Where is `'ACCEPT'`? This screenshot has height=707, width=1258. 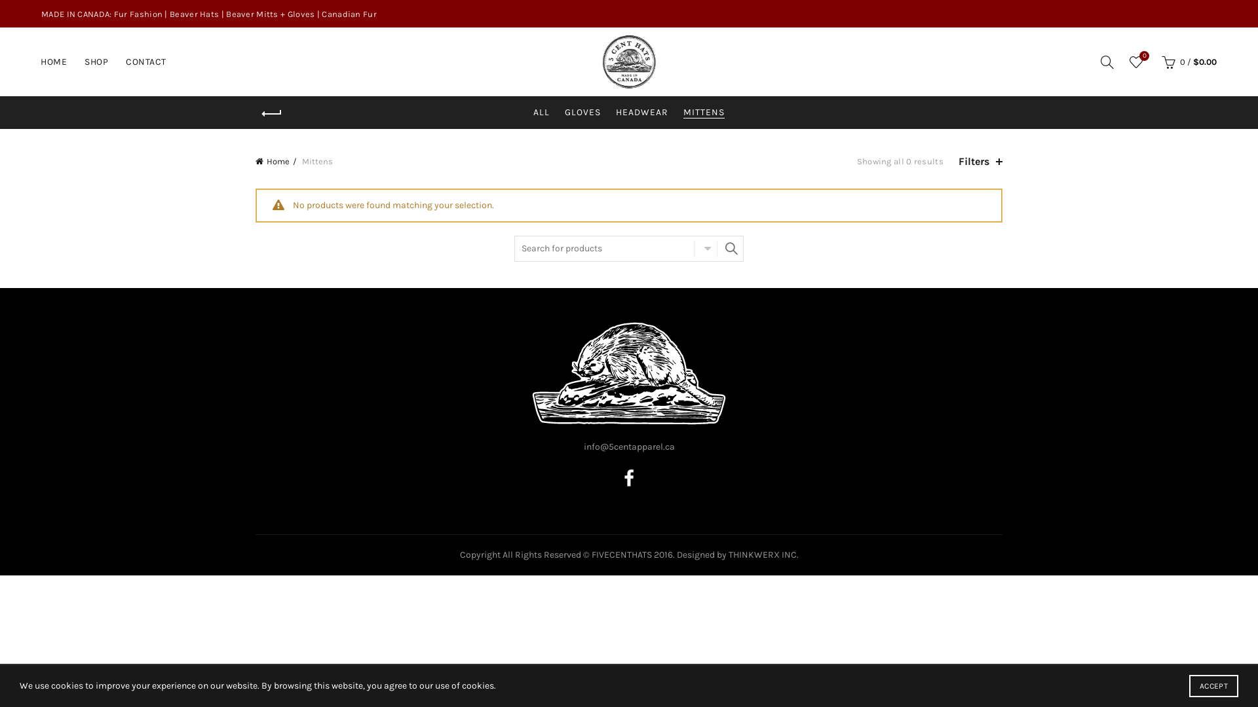
'ACCEPT' is located at coordinates (1189, 685).